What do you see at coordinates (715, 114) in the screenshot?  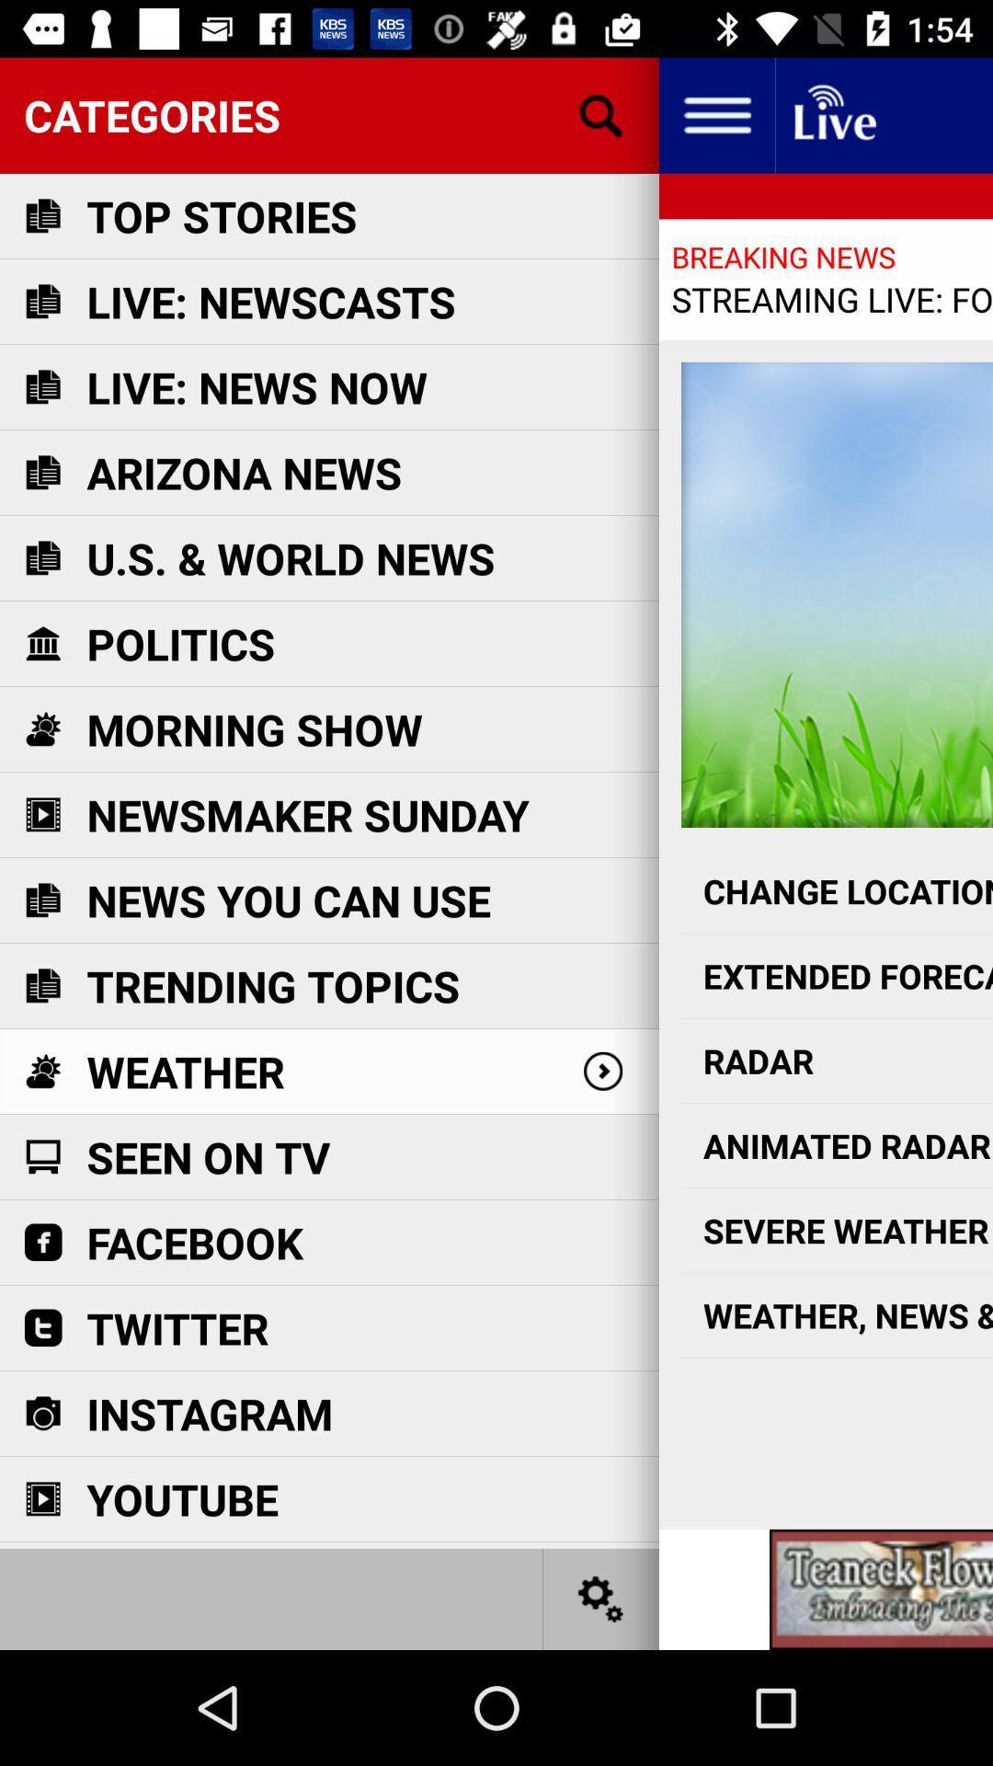 I see `the menu icon` at bounding box center [715, 114].